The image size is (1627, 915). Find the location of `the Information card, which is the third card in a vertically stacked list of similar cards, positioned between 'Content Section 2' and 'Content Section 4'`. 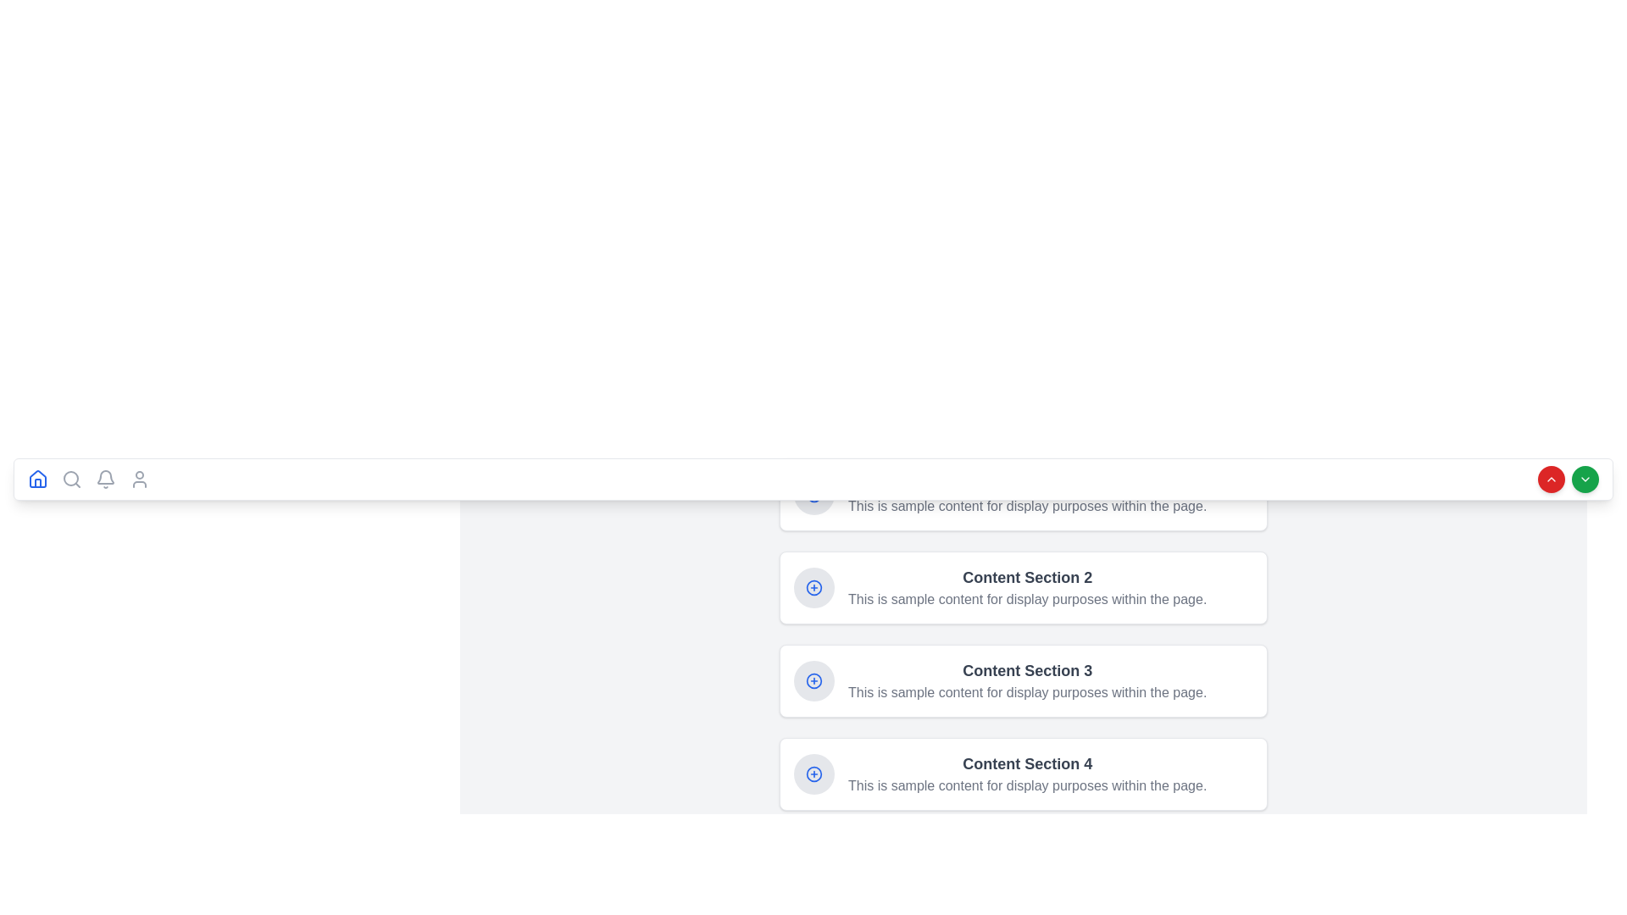

the Information card, which is the third card in a vertically stacked list of similar cards, positioned between 'Content Section 2' and 'Content Section 4' is located at coordinates (1023, 679).